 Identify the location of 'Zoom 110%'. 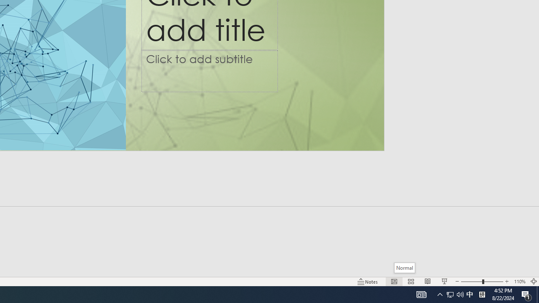
(519, 282).